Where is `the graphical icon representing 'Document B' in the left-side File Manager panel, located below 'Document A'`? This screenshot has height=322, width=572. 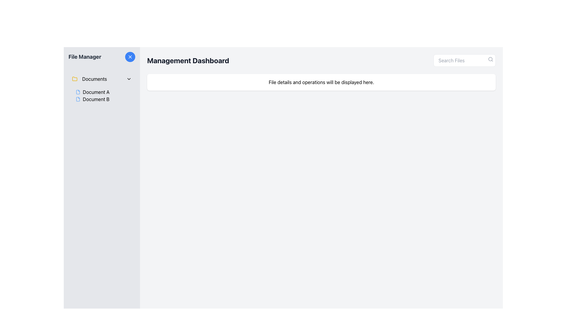
the graphical icon representing 'Document B' in the left-side File Manager panel, located below 'Document A' is located at coordinates (78, 99).